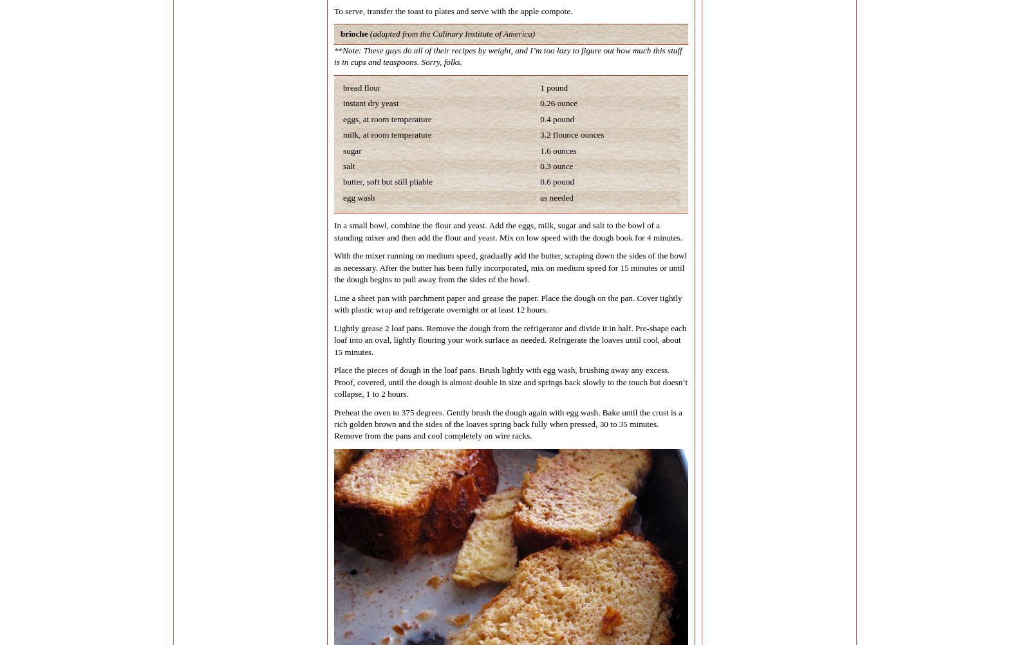 The width and height of the screenshot is (1030, 645). Describe the element at coordinates (358, 196) in the screenshot. I see `'egg wash'` at that location.